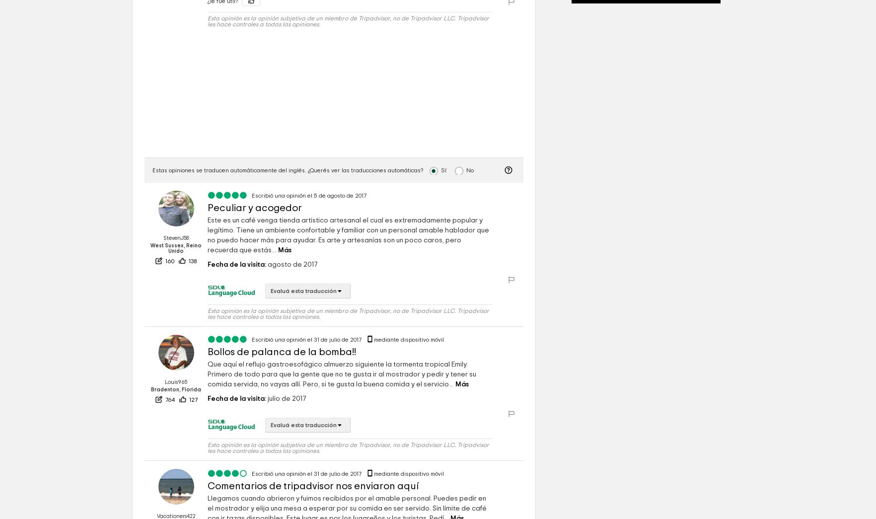 The width and height of the screenshot is (876, 519). What do you see at coordinates (440, 170) in the screenshot?
I see `'Sí'` at bounding box center [440, 170].